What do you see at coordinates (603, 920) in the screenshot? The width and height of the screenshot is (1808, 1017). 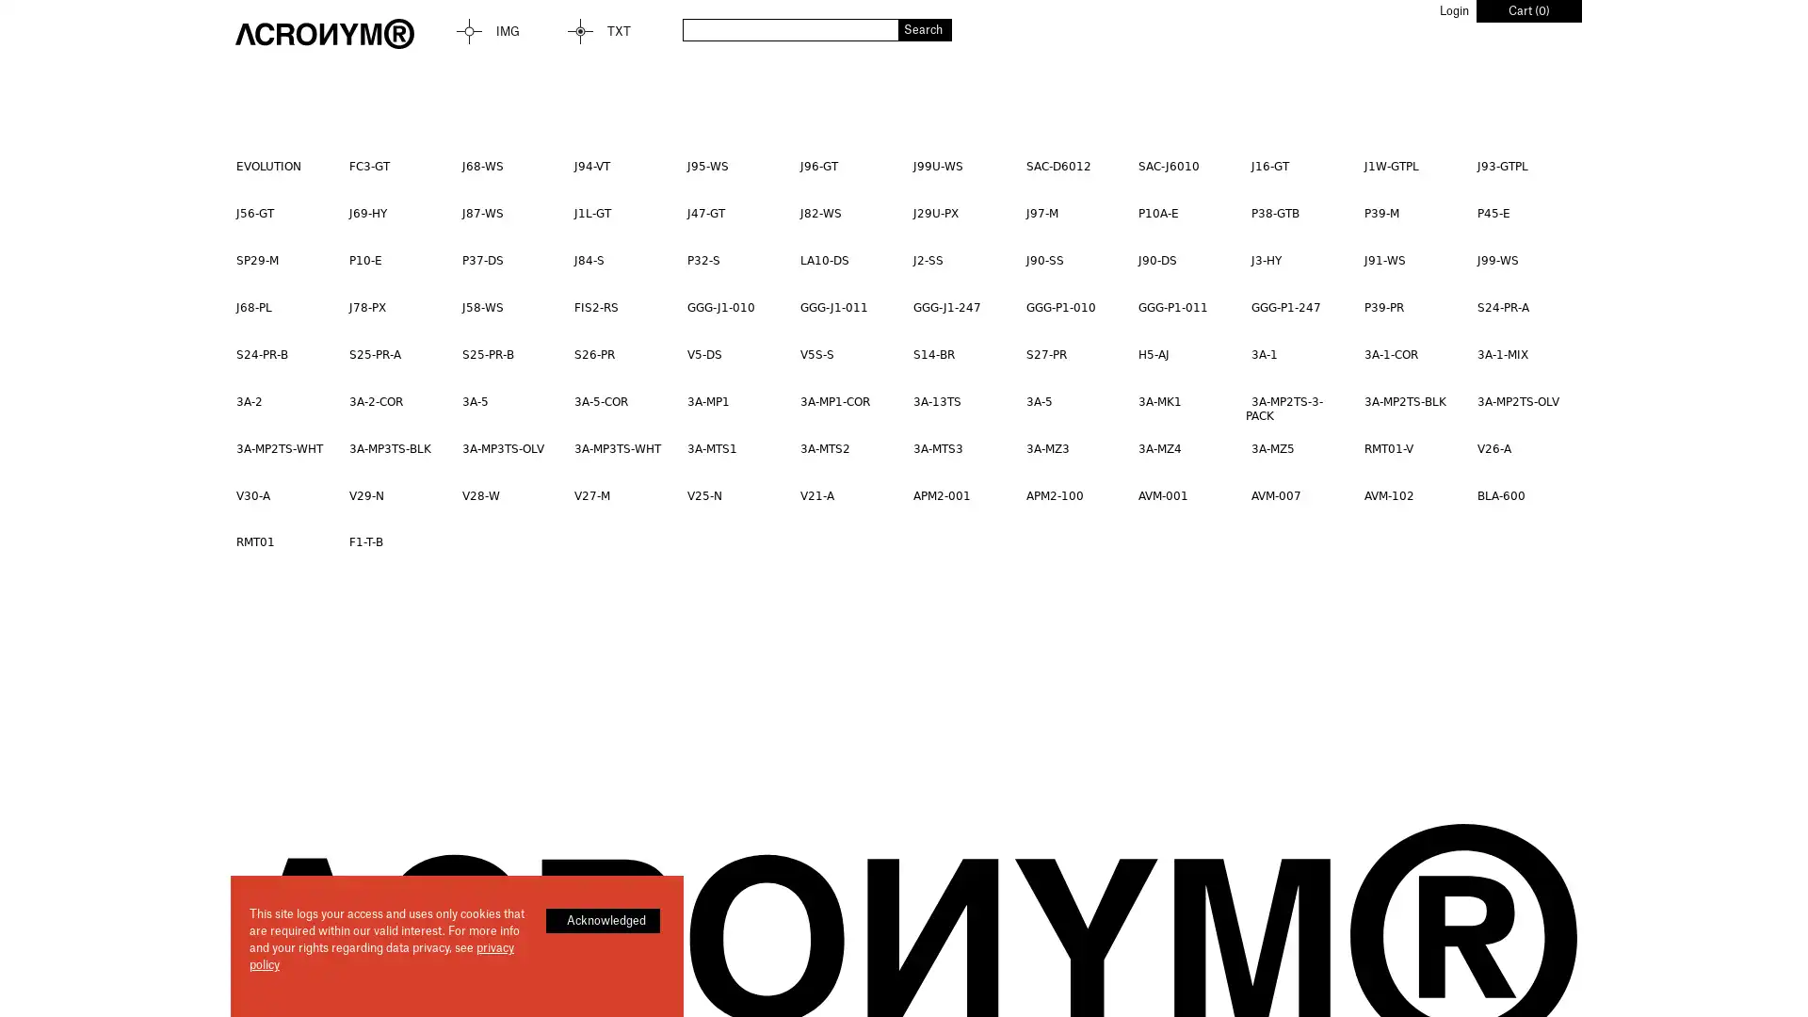 I see `Acknowledged` at bounding box center [603, 920].